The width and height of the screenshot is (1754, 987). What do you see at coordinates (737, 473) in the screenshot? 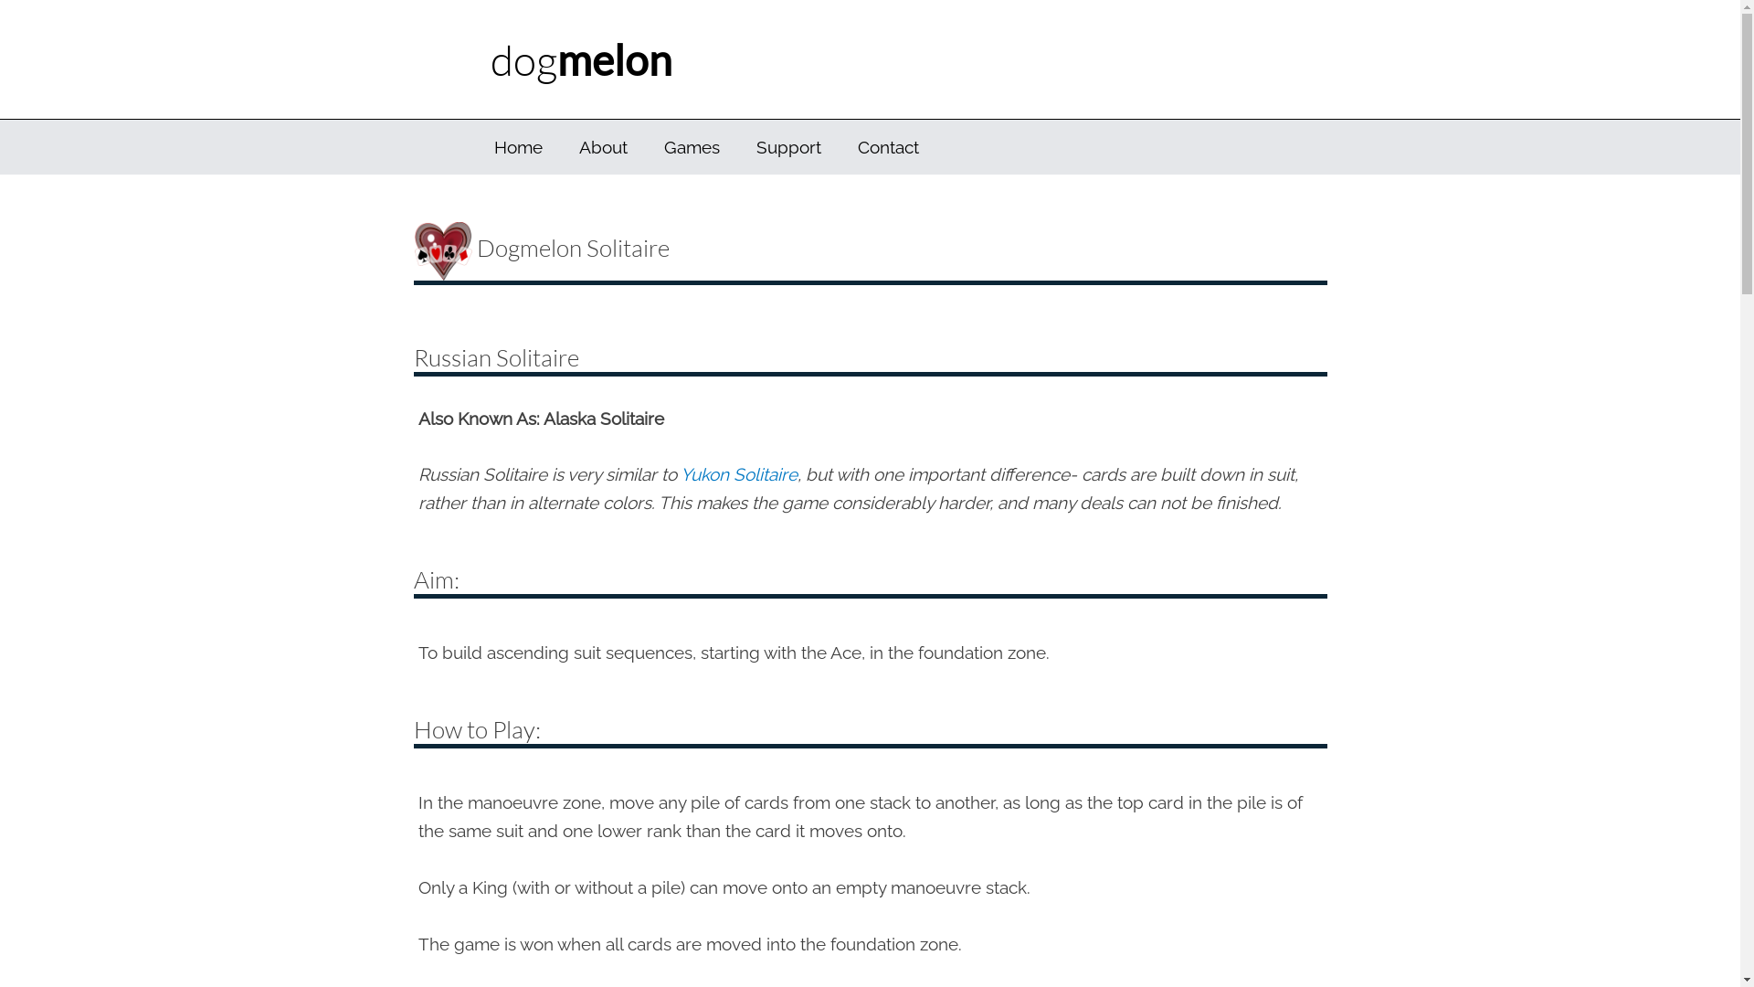
I see `'Yukon Solitaire'` at bounding box center [737, 473].